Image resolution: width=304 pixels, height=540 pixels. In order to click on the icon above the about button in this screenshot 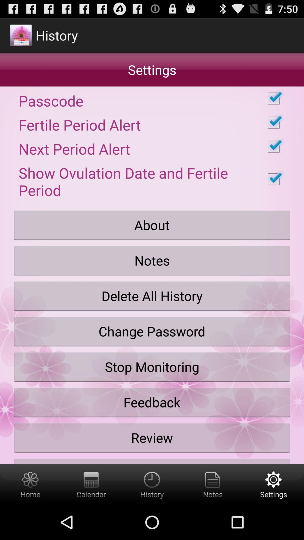, I will do `click(152, 179)`.